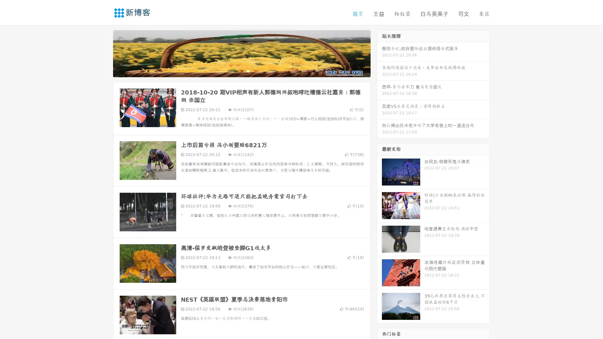  I want to click on Previous slide, so click(104, 53).